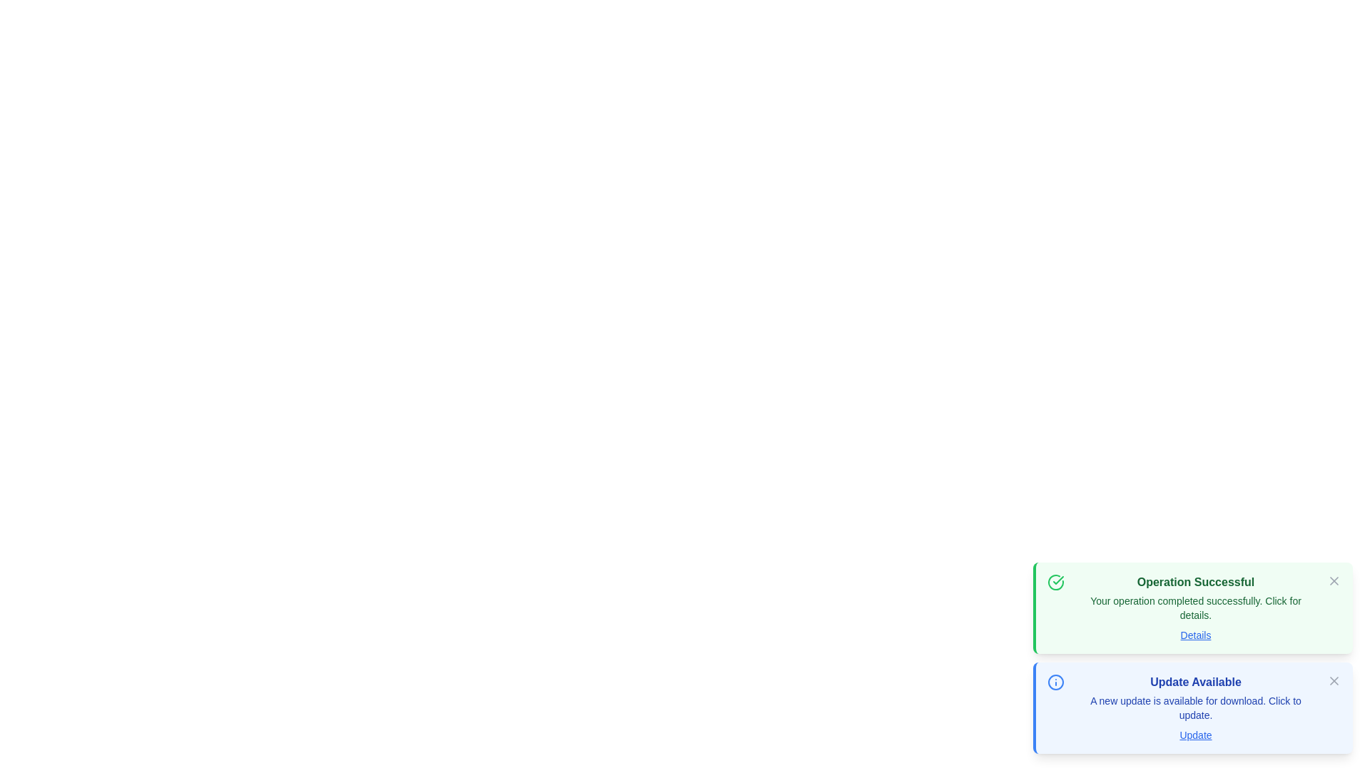  I want to click on the dismiss button located in the top-right corner of the 'Update Available' notification box, so click(1334, 680).